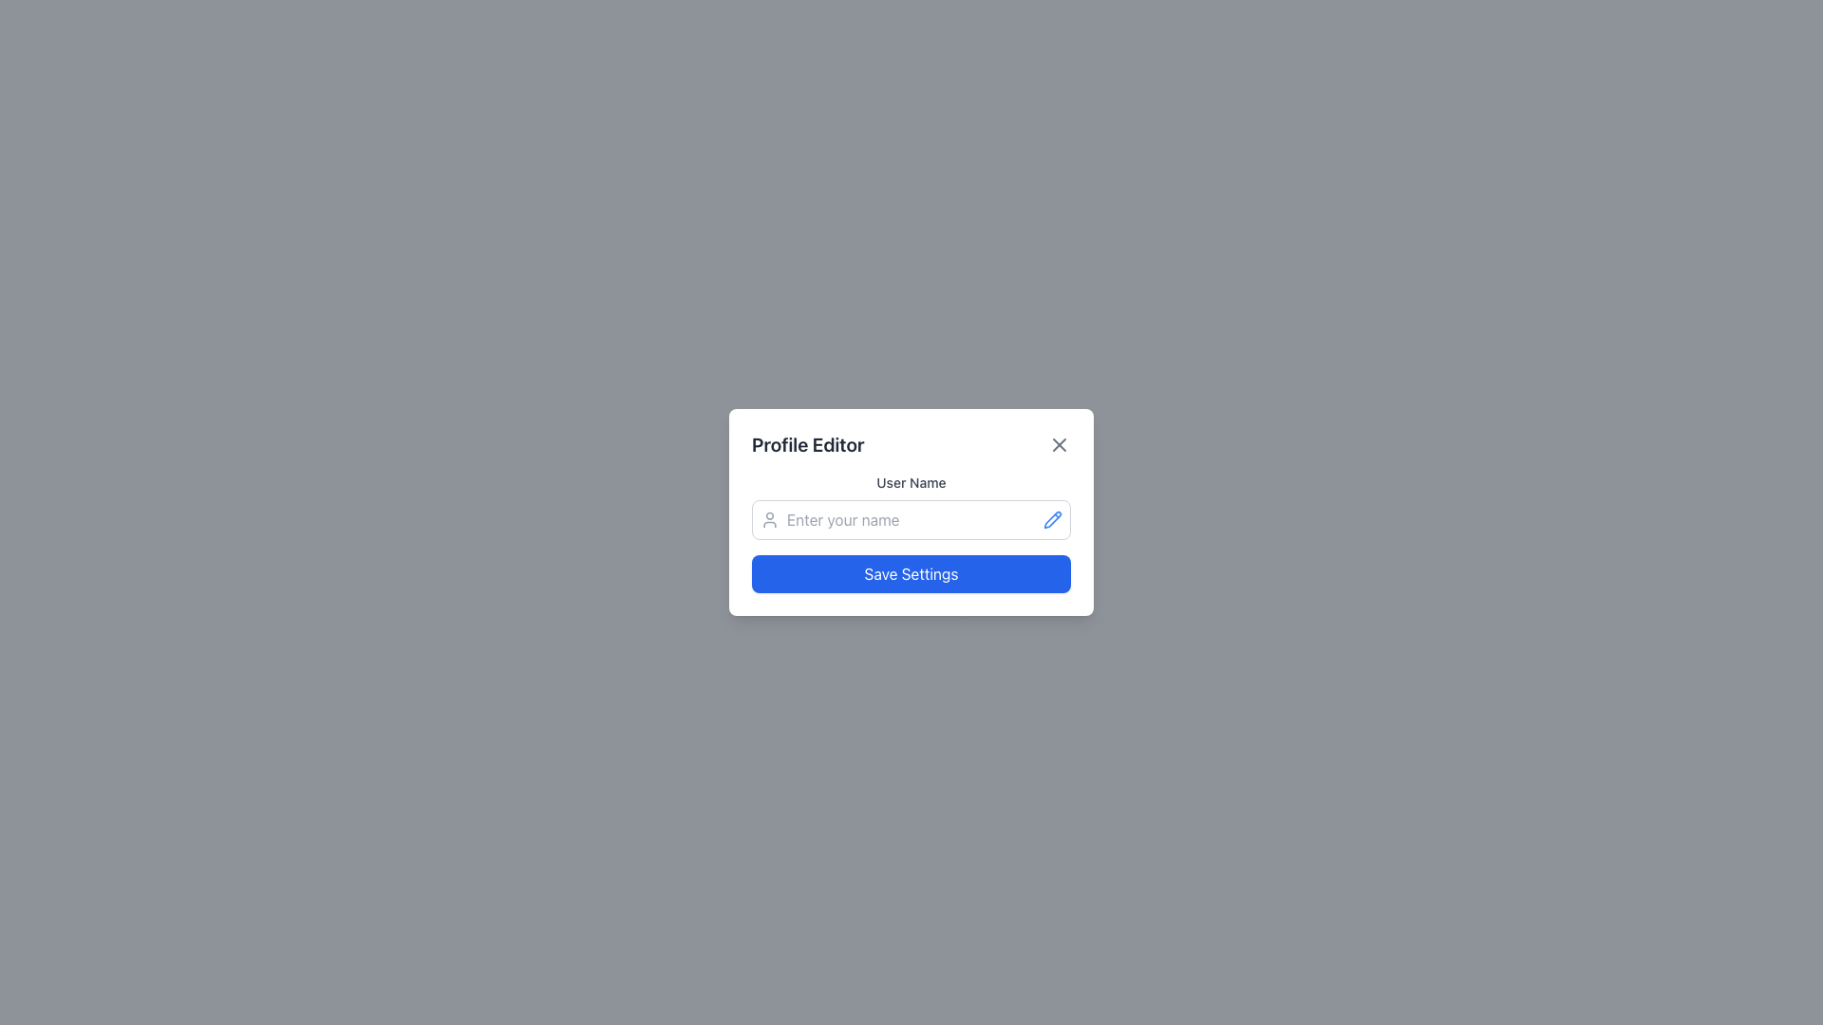  Describe the element at coordinates (911, 573) in the screenshot. I see `the rectangular button with rounded corners and blue background labeled 'Save Settings'` at that location.